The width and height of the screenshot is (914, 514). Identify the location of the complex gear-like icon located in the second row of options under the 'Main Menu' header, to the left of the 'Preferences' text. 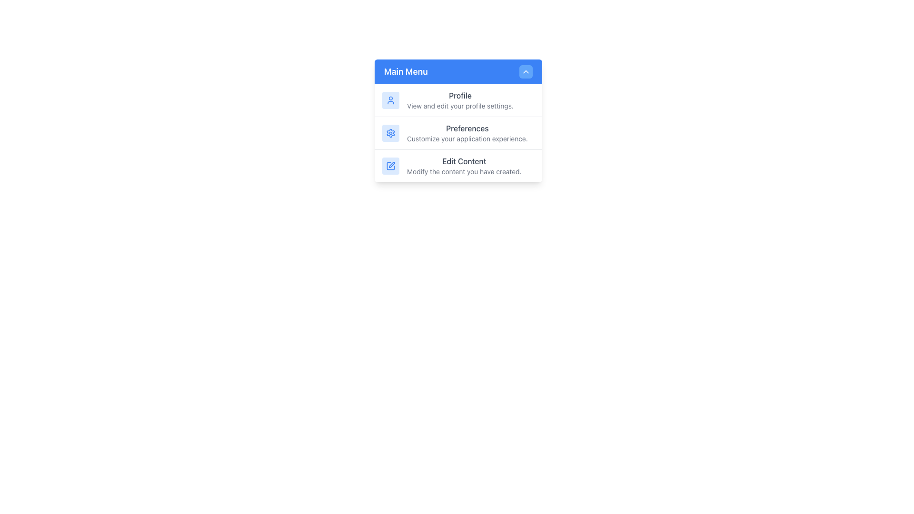
(390, 133).